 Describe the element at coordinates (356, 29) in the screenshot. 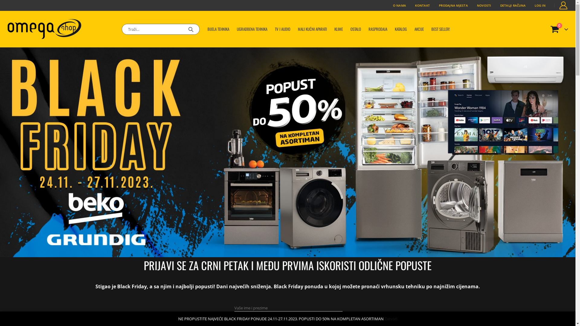

I see `'OSTALO'` at that location.